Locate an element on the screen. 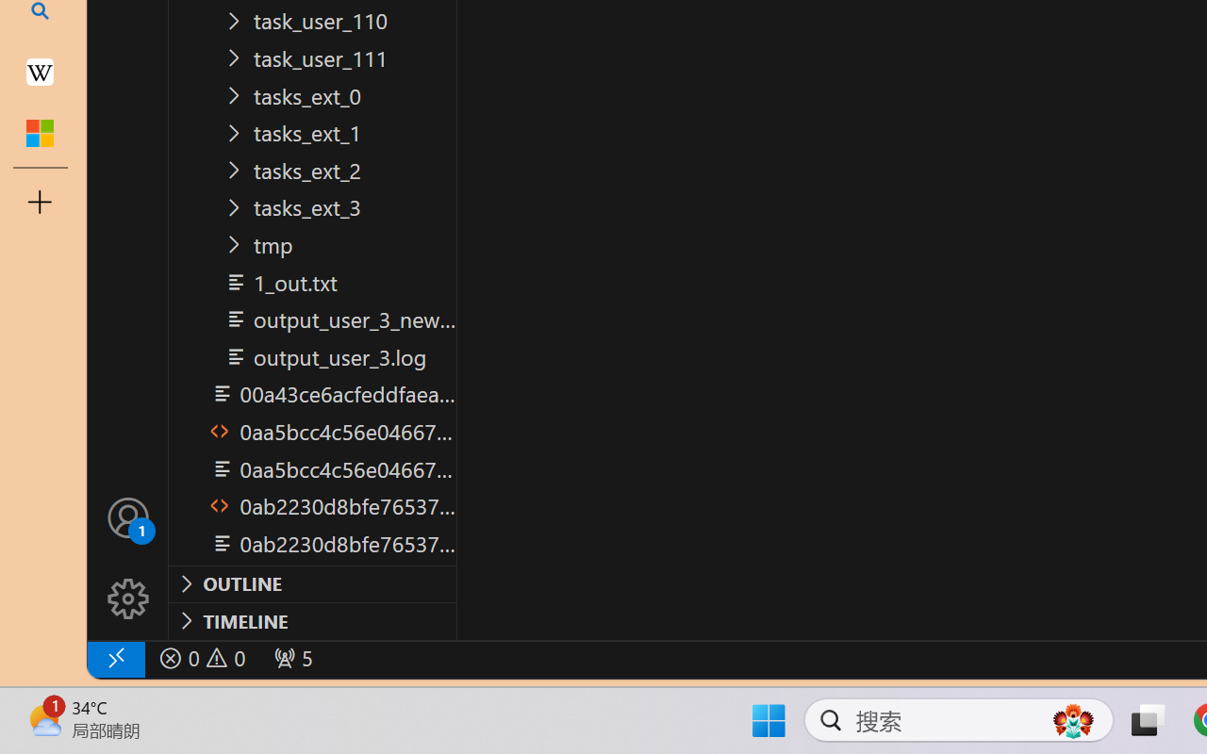  'Earth - Wikipedia' is located at coordinates (40, 72).